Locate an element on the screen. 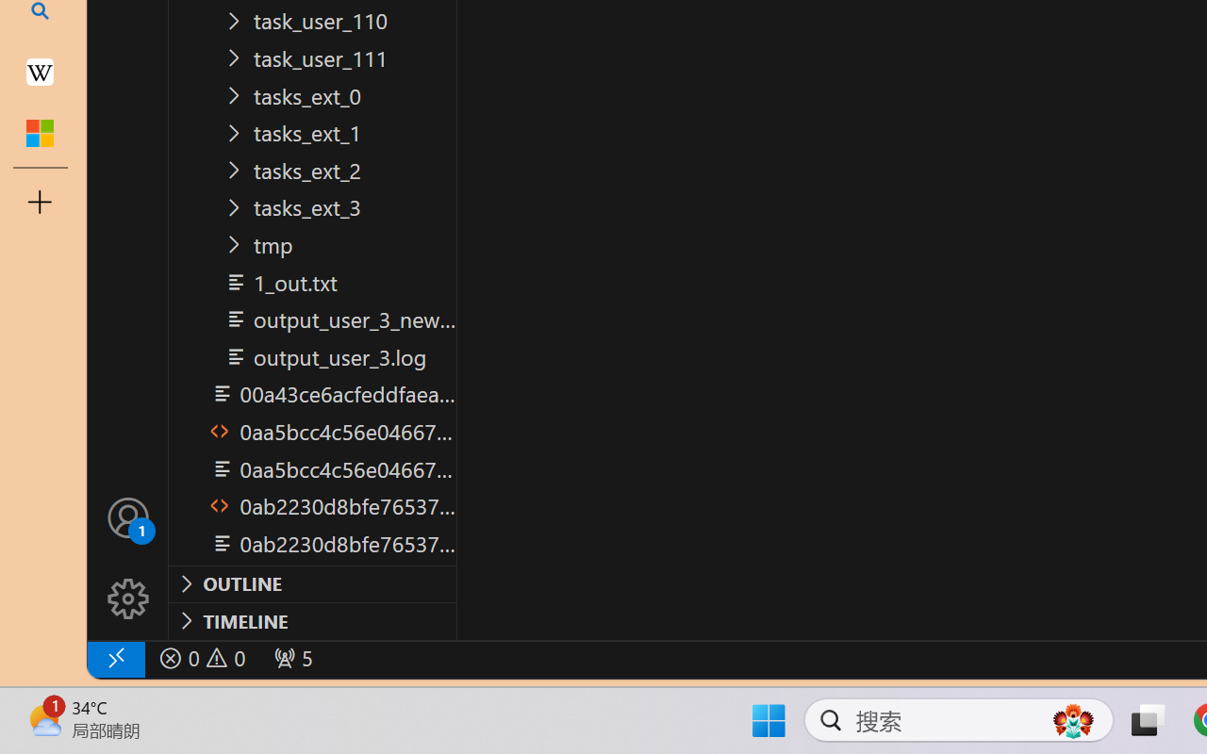  'Earth - Wikipedia' is located at coordinates (40, 72).